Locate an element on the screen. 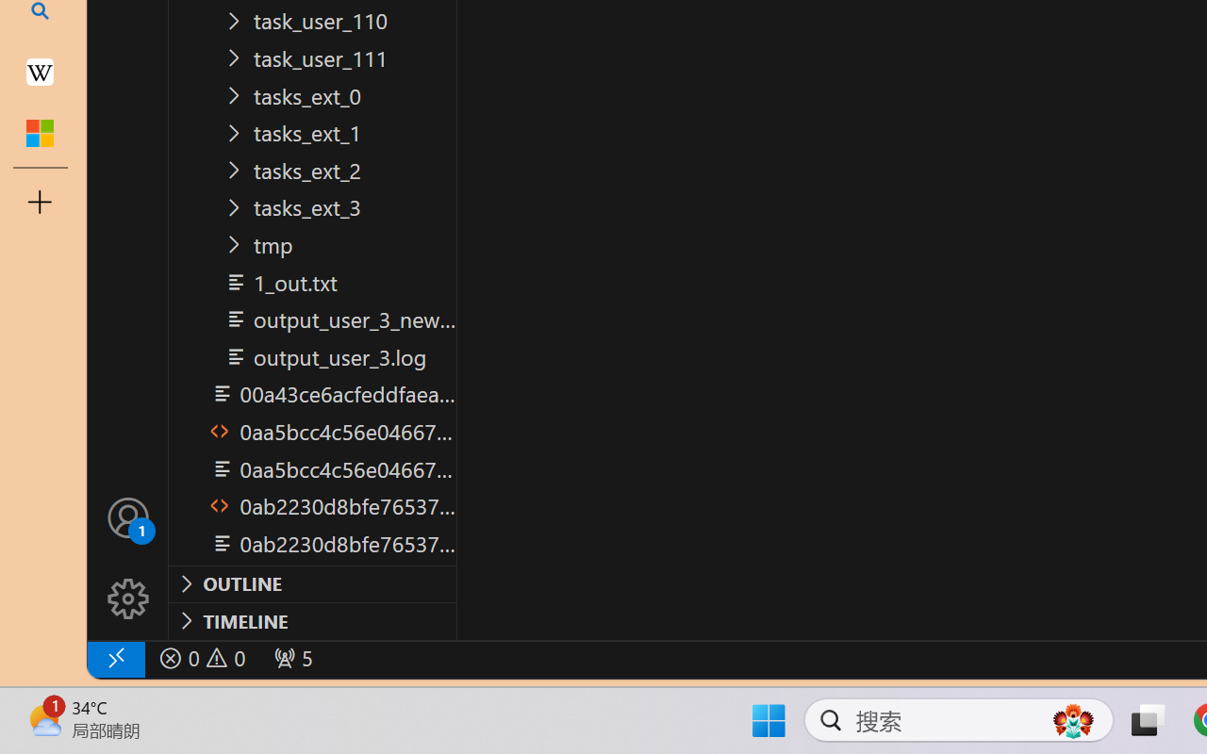  'Earth - Wikipedia' is located at coordinates (40, 72).